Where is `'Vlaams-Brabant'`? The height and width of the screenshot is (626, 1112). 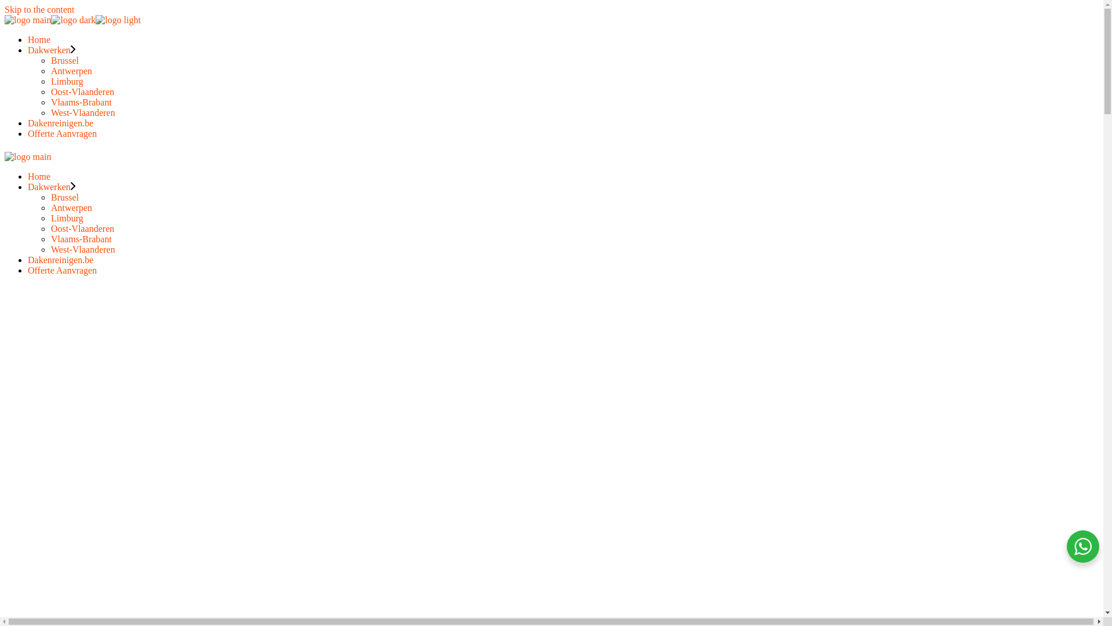
'Vlaams-Brabant' is located at coordinates (81, 238).